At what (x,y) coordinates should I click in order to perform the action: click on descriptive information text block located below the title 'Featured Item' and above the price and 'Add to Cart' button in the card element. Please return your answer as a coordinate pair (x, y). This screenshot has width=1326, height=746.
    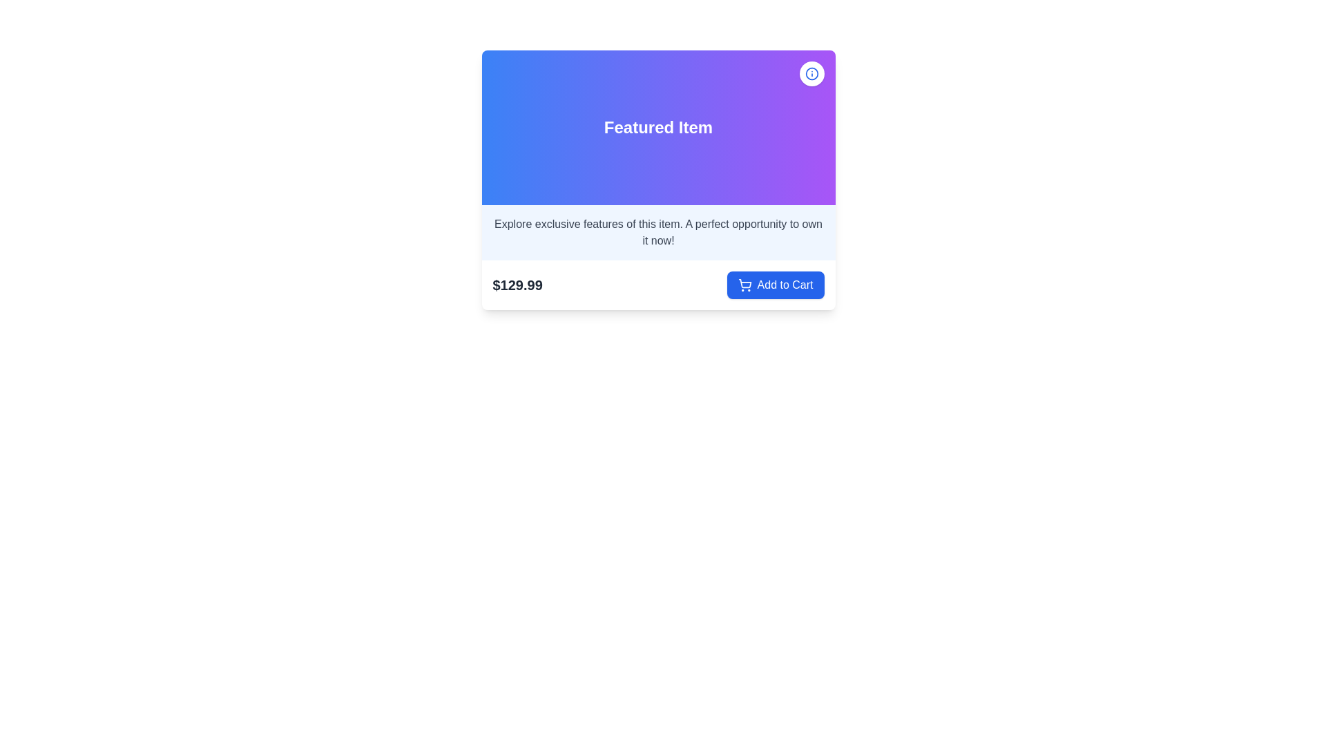
    Looking at the image, I should click on (657, 231).